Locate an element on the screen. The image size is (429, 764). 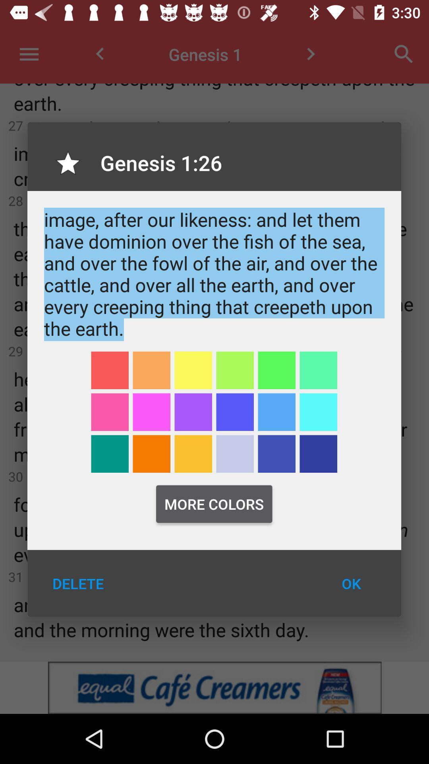
the item above delete is located at coordinates (110, 454).